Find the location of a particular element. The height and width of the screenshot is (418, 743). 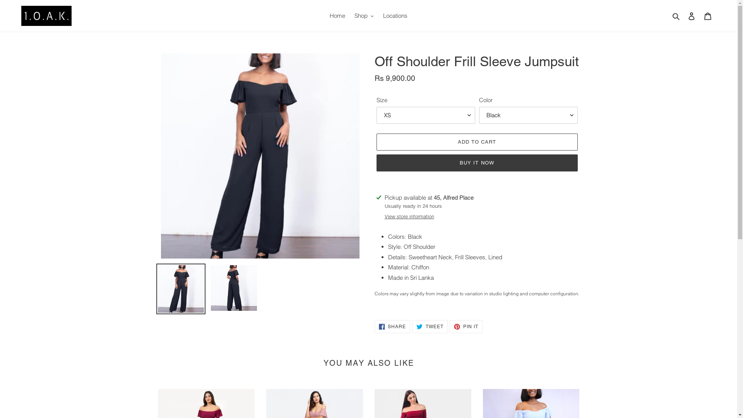

'TWEET is located at coordinates (429, 327).